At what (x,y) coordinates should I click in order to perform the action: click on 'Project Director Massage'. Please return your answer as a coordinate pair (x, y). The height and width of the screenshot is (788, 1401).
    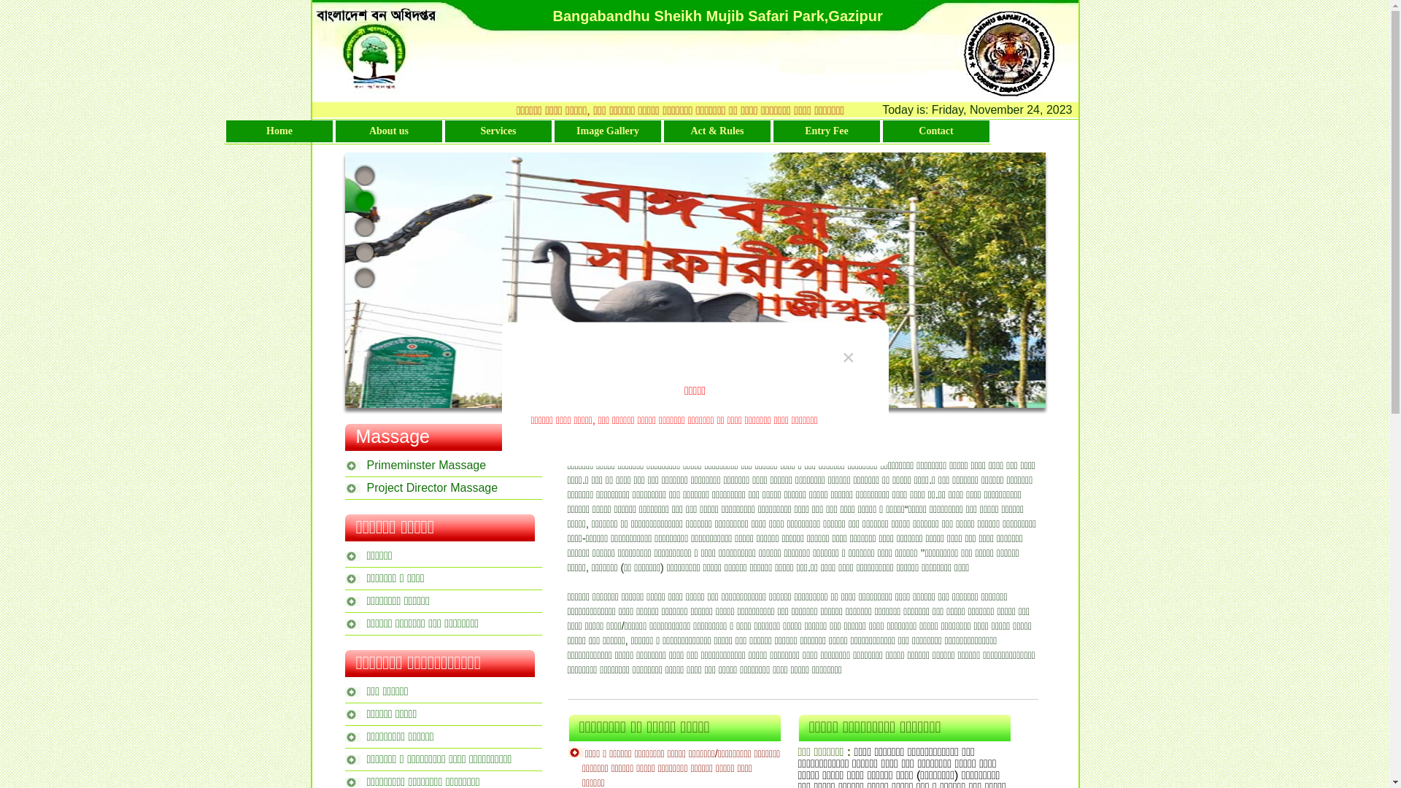
    Looking at the image, I should click on (441, 485).